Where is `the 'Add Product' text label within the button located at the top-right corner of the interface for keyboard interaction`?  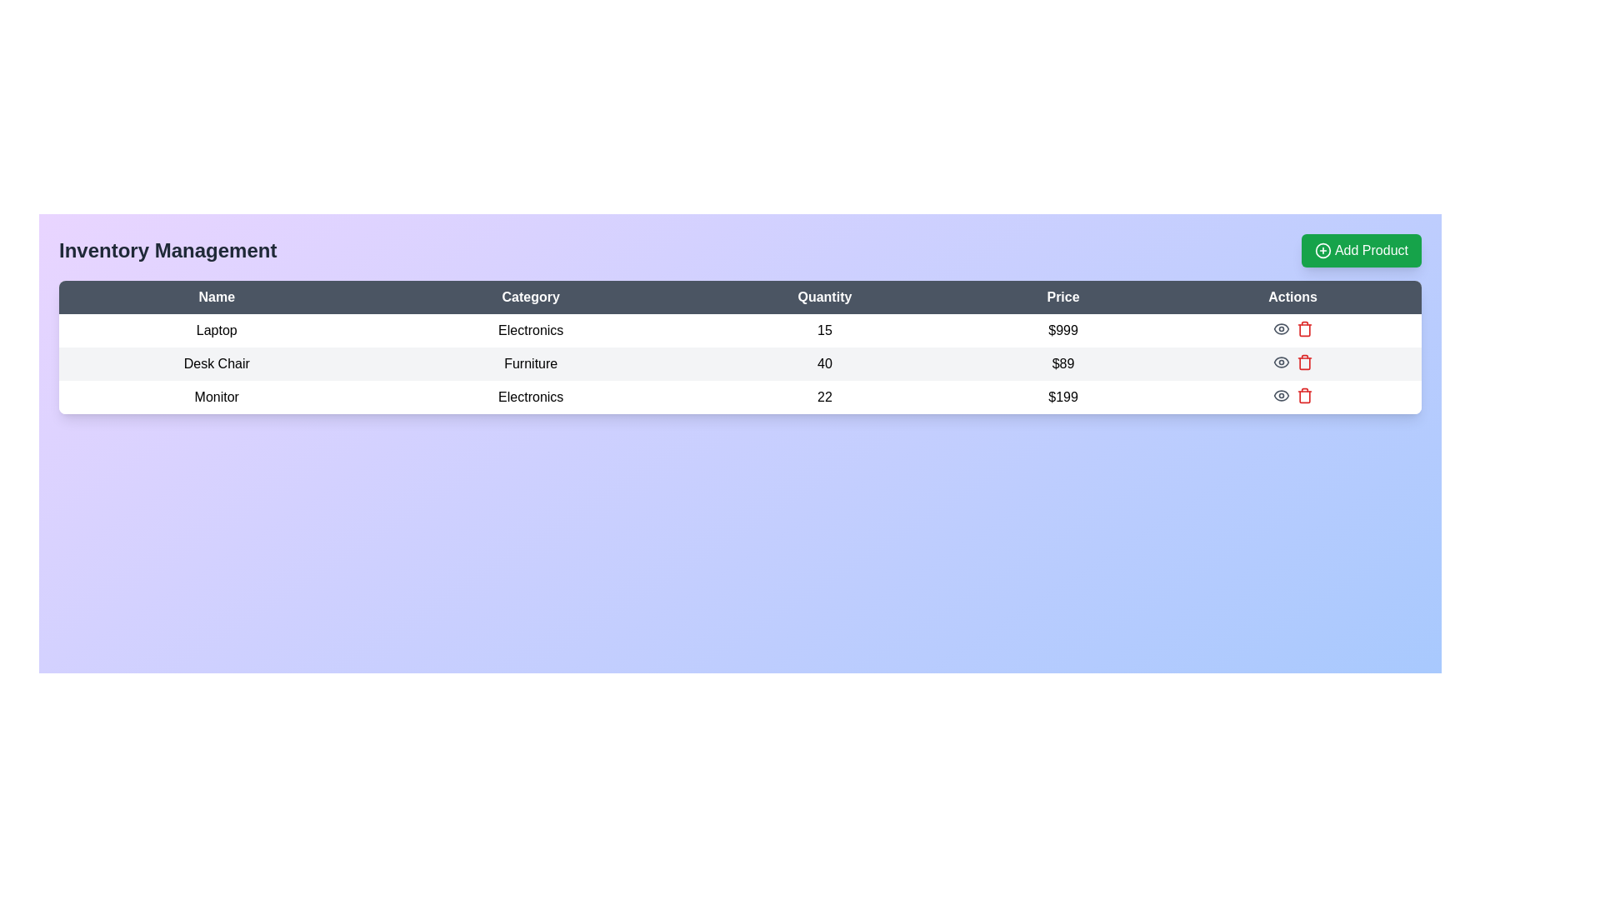
the 'Add Product' text label within the button located at the top-right corner of the interface for keyboard interaction is located at coordinates (1372, 250).